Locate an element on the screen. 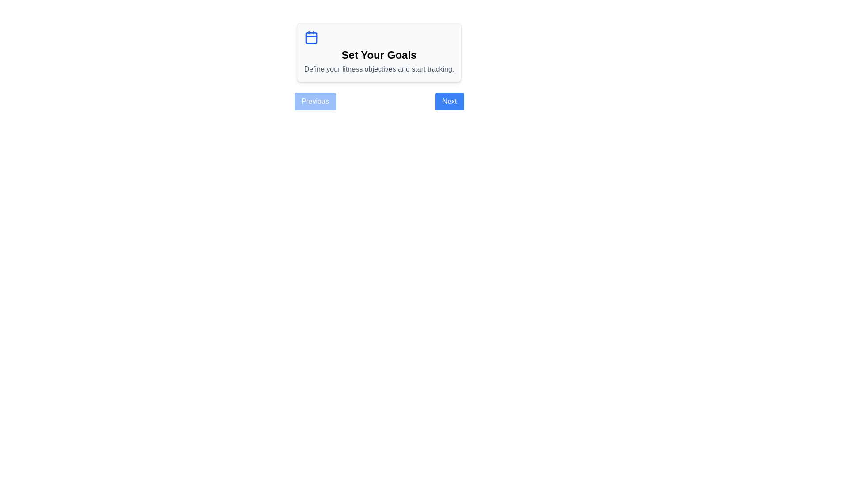  the text label that serves as a header or title at the top-center section of the card interface is located at coordinates (379, 55).